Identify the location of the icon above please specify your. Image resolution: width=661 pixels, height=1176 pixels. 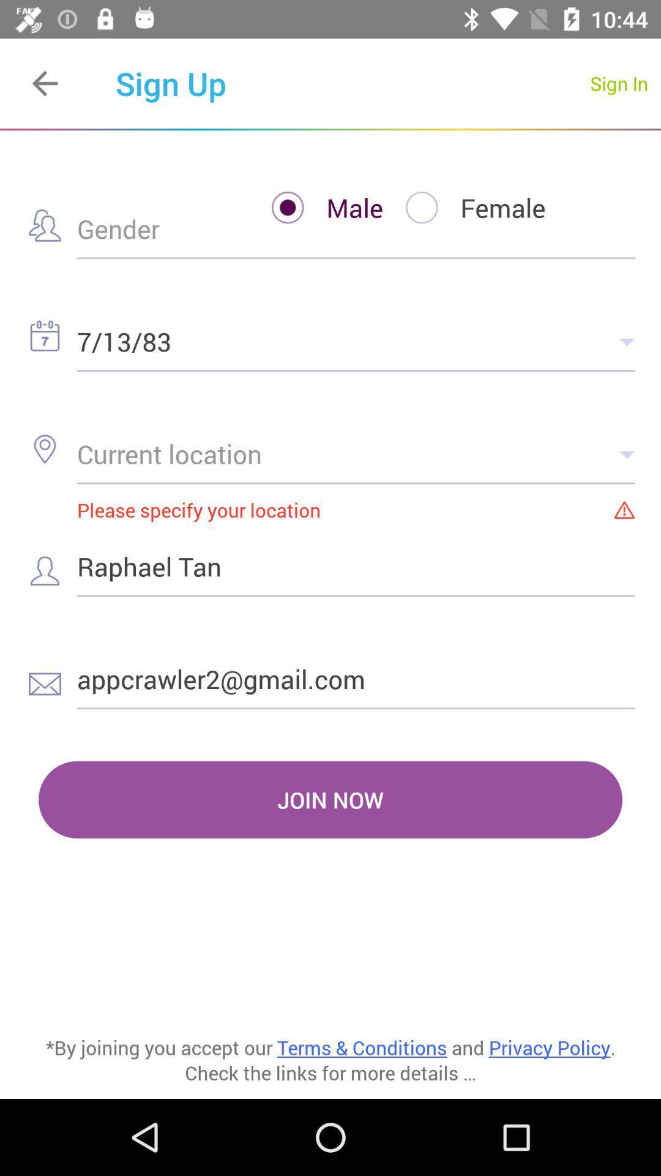
(356, 453).